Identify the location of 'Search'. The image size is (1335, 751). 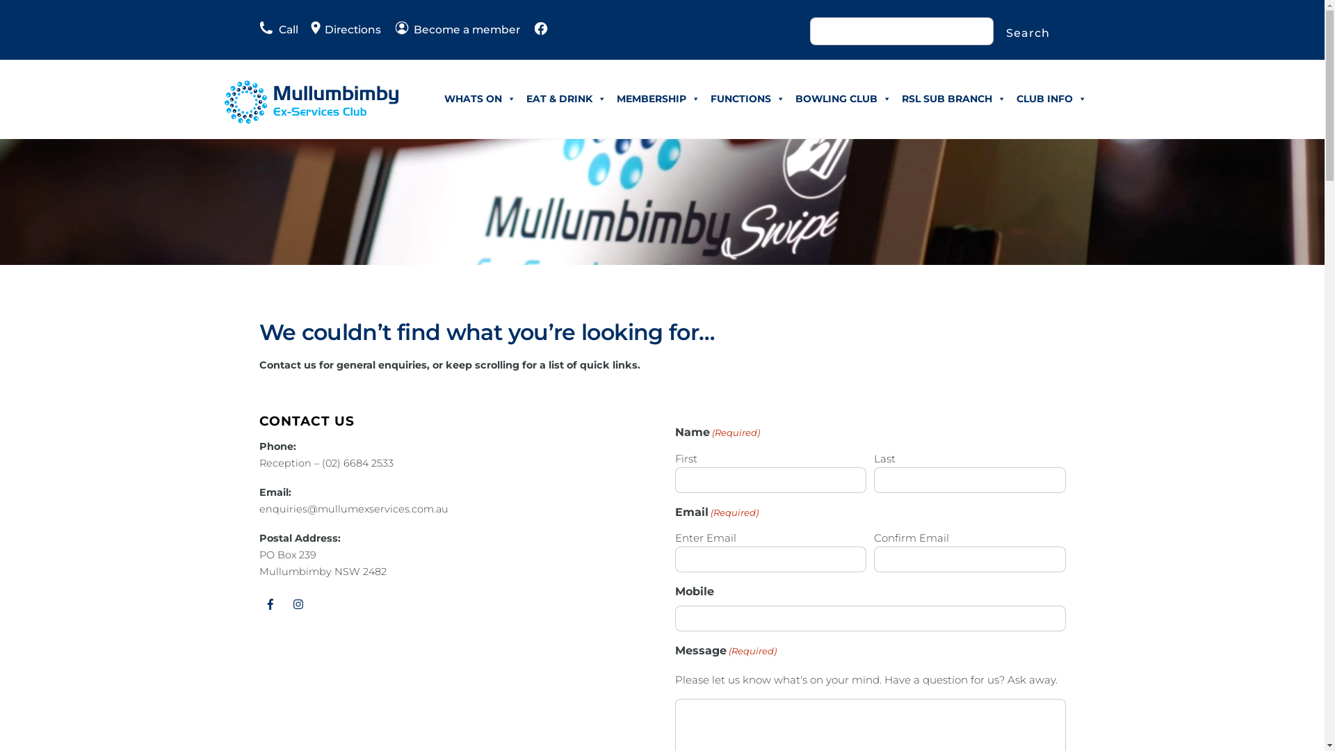
(1028, 32).